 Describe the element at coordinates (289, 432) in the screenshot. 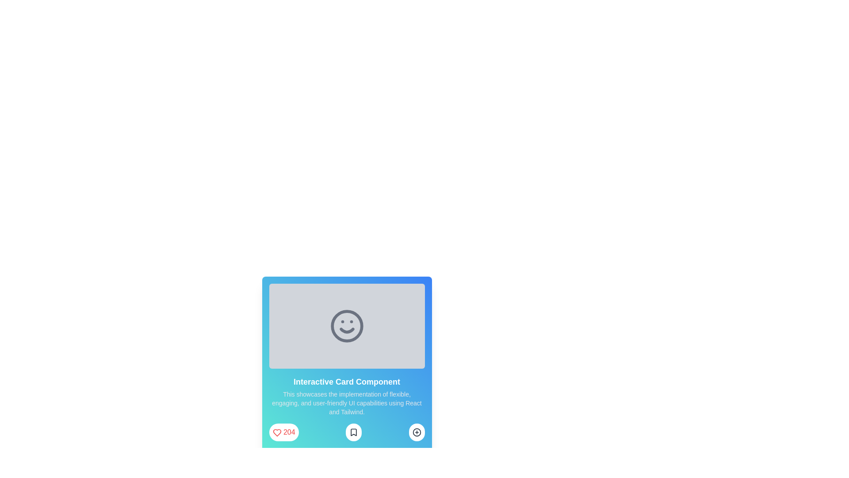

I see `the red-styled number '204' displayed prominently within a rounded white background at the bottom-left section of the card` at that location.